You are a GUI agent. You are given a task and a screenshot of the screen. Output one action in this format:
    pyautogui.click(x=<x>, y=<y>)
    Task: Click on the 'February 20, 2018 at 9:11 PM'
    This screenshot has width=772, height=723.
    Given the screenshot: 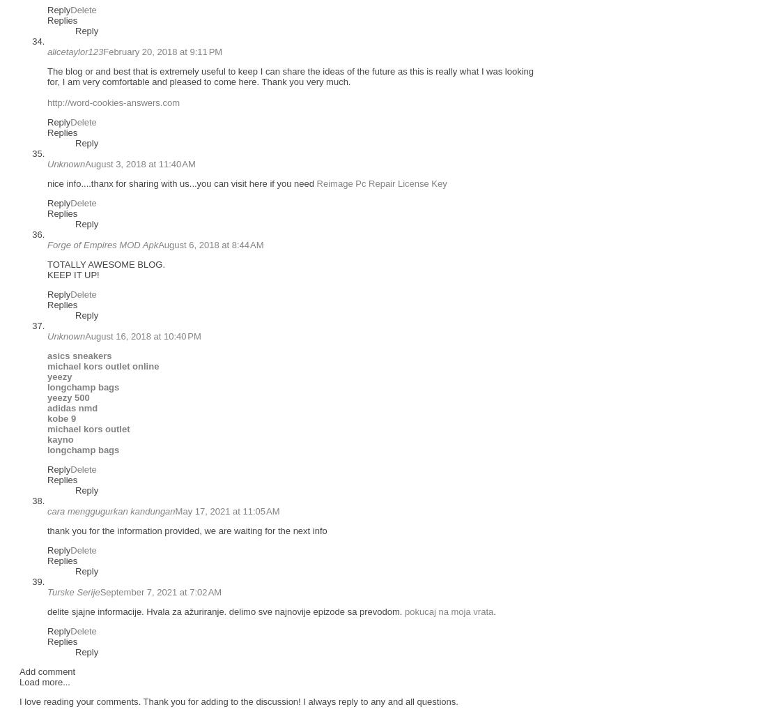 What is the action you would take?
    pyautogui.click(x=162, y=51)
    